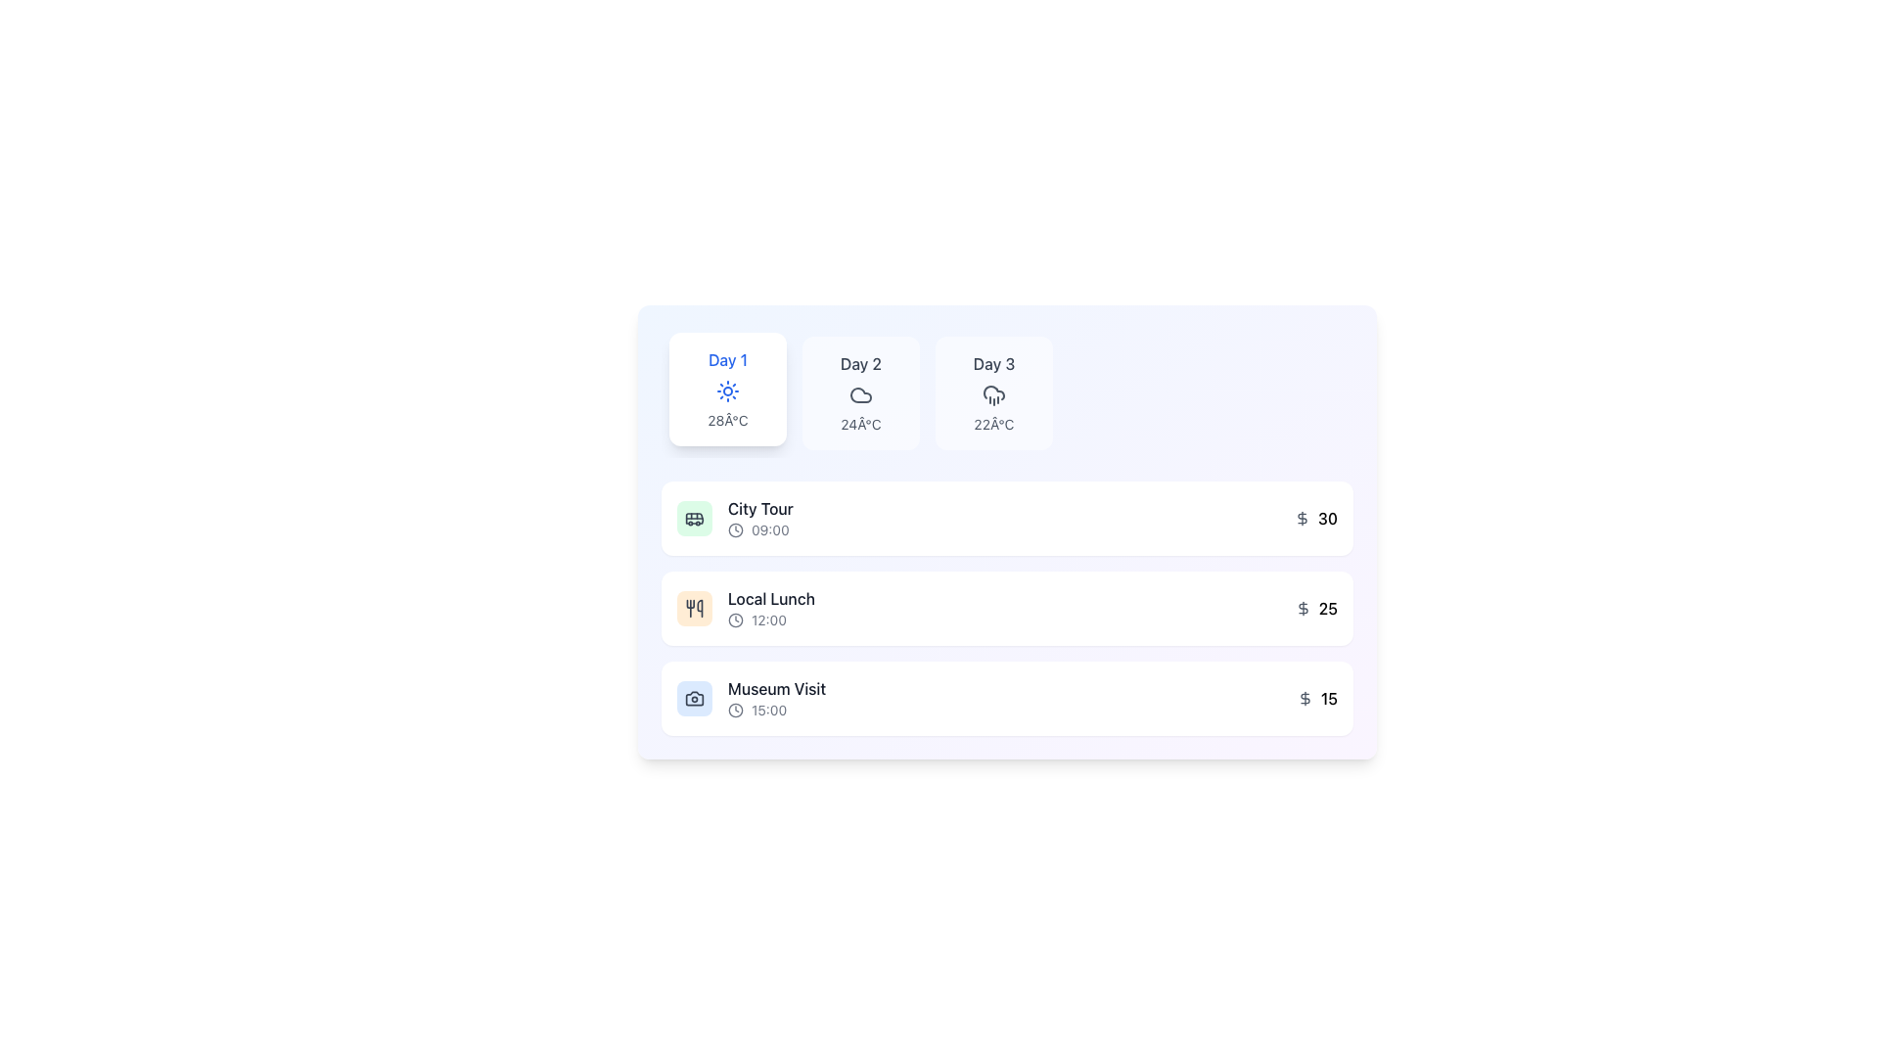 This screenshot has width=1879, height=1057. I want to click on the text label identifying the second day in the multi-day schedule, which is located at the top-center of the second card in a group of three cards, so click(860, 363).